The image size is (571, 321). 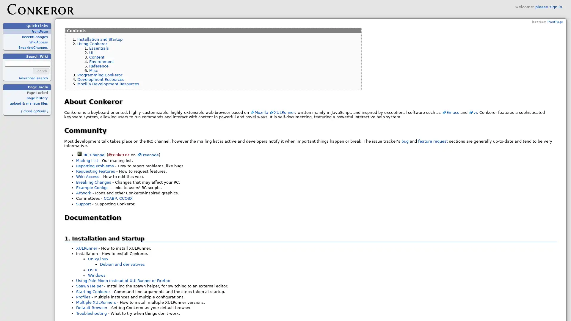 What do you see at coordinates (41, 71) in the screenshot?
I see `Search` at bounding box center [41, 71].